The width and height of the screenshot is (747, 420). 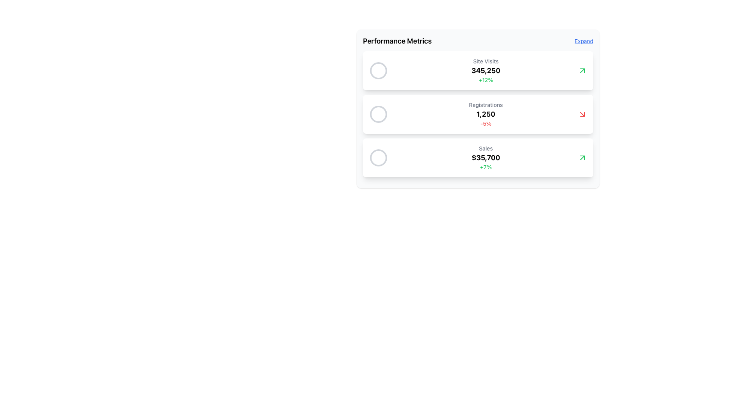 What do you see at coordinates (485, 105) in the screenshot?
I see `the text label reading 'Registrations' styled with a medium font weight and gray color, located at the top of the second statistics card in the 'Performance Metrics' section` at bounding box center [485, 105].